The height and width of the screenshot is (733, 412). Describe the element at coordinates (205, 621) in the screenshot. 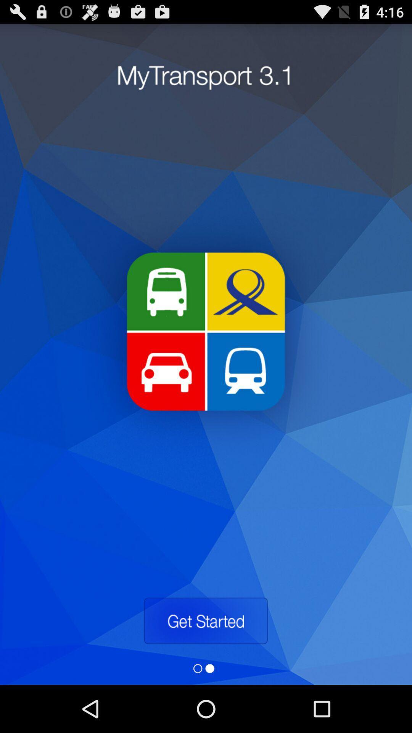

I see `start application` at that location.